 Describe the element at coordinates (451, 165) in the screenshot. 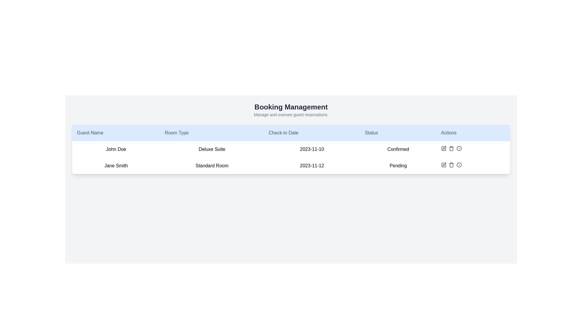

I see `the delete button located in the 'Actions' column of the second row in the table, positioned between the edit icon and the info icon` at that location.